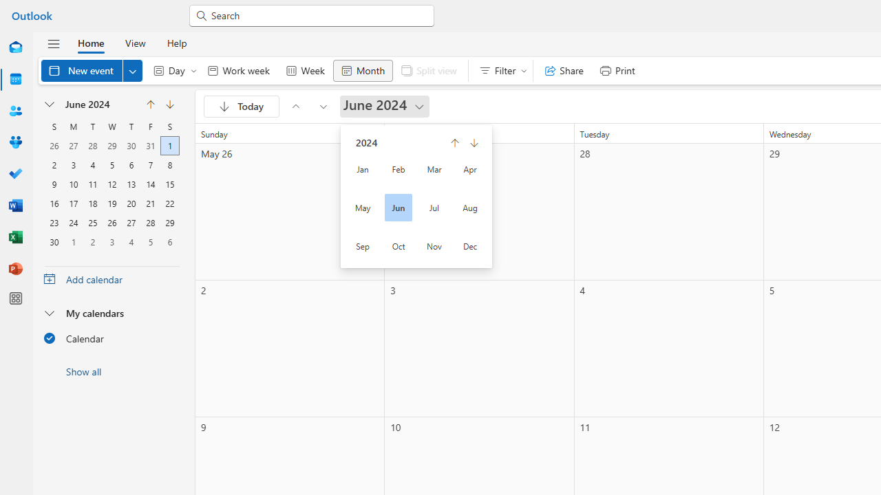 This screenshot has height=495, width=881. I want to click on '6, June, 2024', so click(131, 163).